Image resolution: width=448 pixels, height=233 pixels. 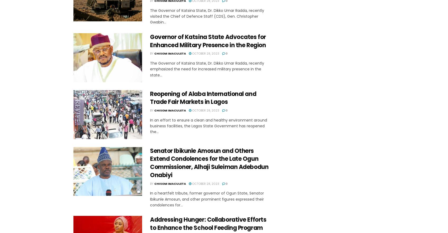 What do you see at coordinates (207, 16) in the screenshot?
I see `'The Governor of Katsina State, Dr. Dikko Umar Radda, recently visited the Chief of Defence Staff (CDS), Gen. Christopher Gwabin...'` at bounding box center [207, 16].